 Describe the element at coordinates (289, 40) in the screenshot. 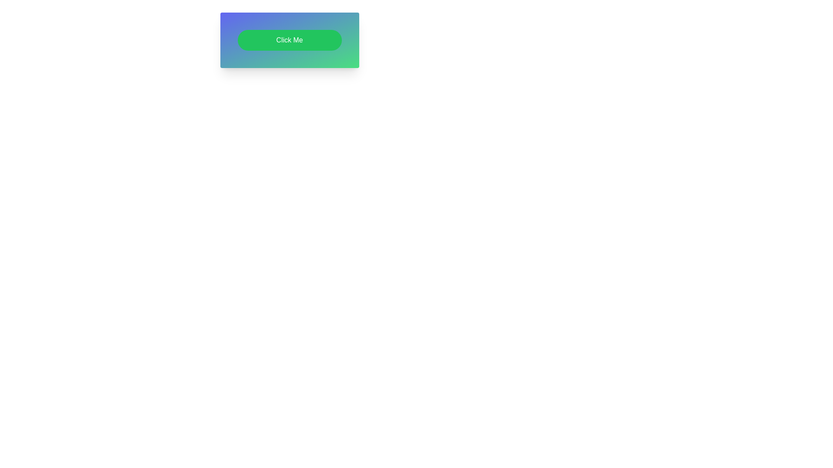

I see `the green rectangular button with rounded corners labeled 'Click Me'` at that location.